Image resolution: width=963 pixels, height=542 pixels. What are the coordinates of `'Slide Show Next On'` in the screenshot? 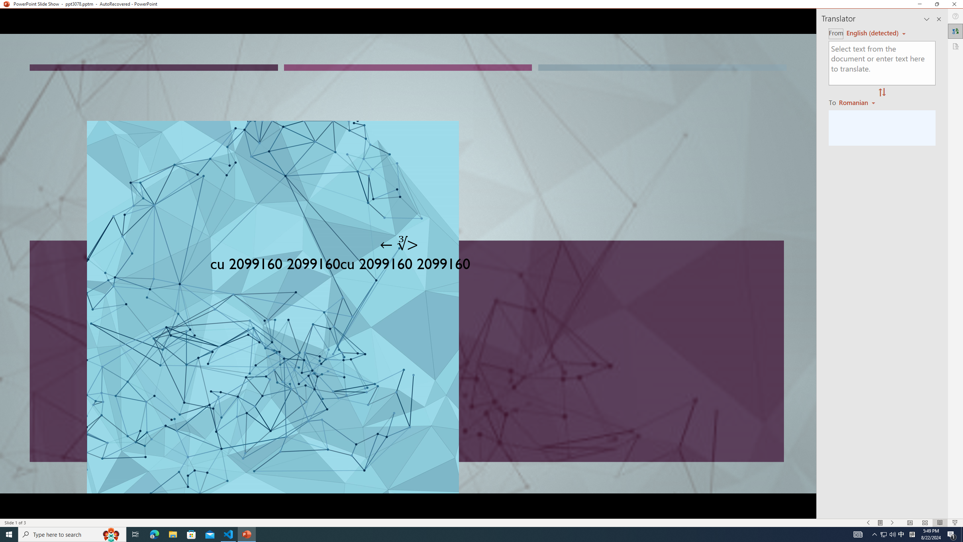 It's located at (892, 523).